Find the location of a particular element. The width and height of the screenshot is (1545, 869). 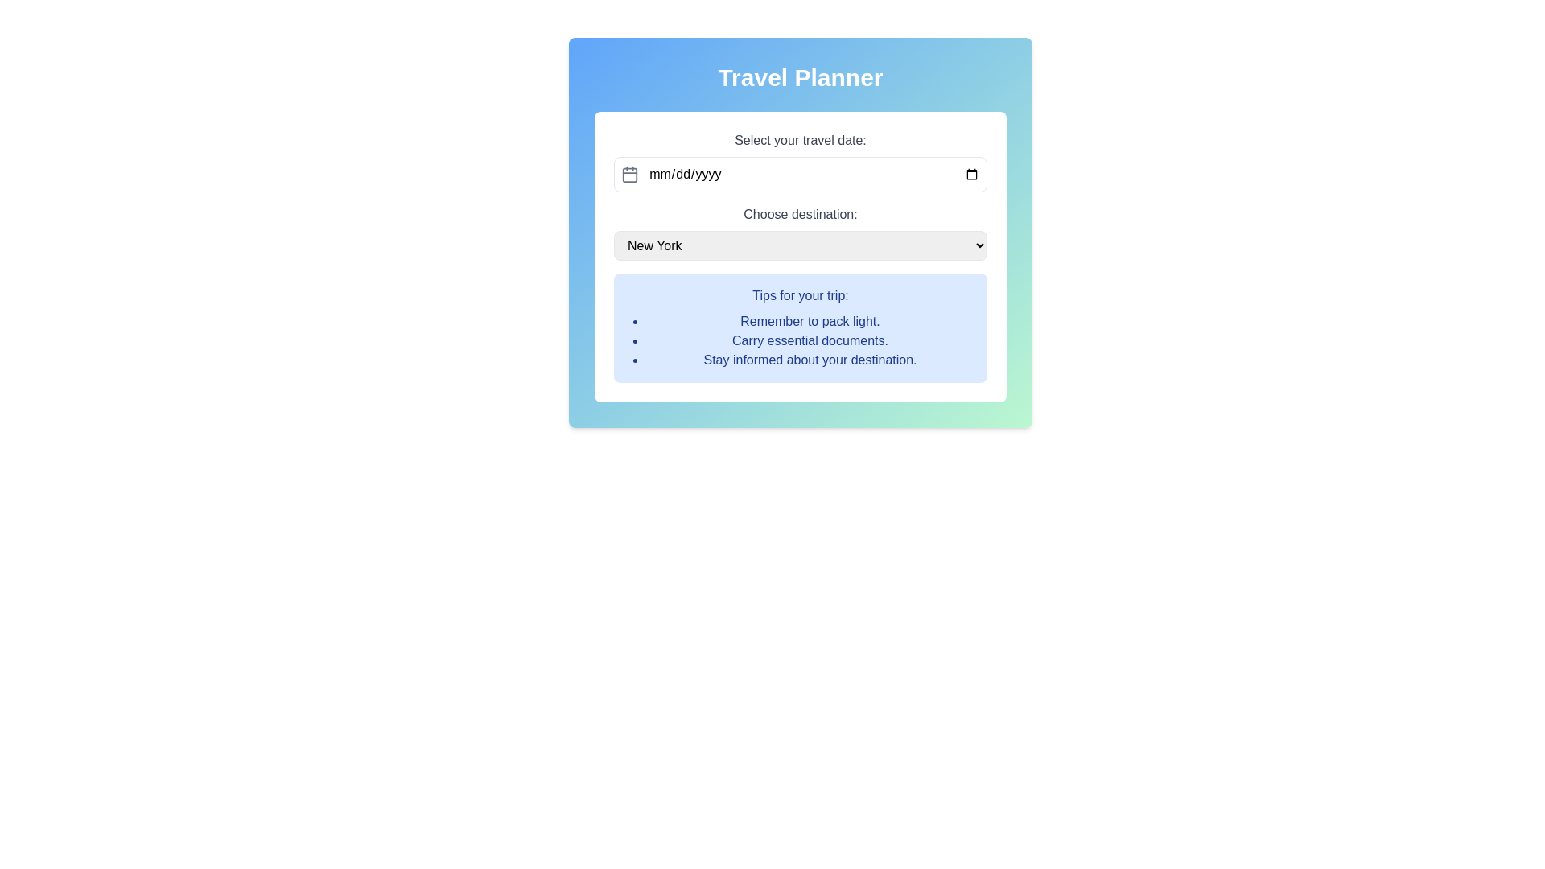

travel tips from the blue-colored Informational Box titled 'Tips for your trip:' which contains a list of travel tips located at the bottom of the Travel Planner interface is located at coordinates (800, 327).